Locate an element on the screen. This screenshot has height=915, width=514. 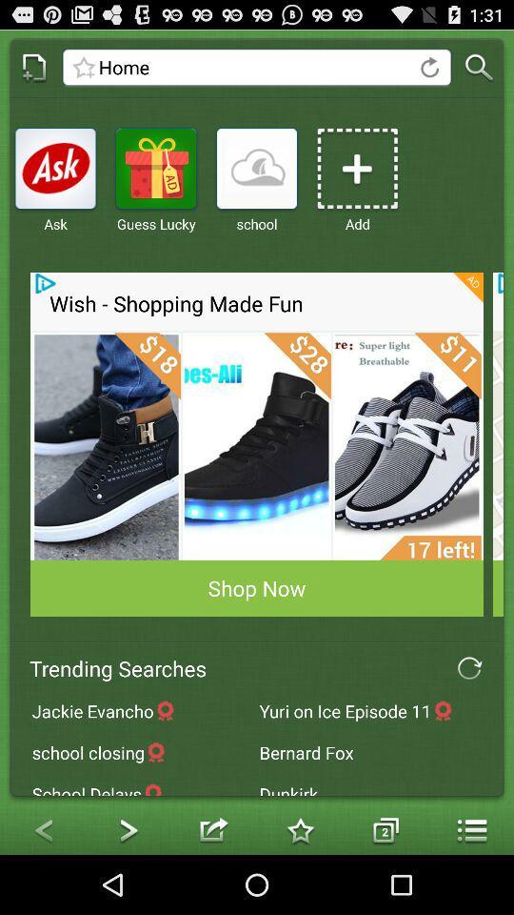
the refresh icon is located at coordinates (468, 714).